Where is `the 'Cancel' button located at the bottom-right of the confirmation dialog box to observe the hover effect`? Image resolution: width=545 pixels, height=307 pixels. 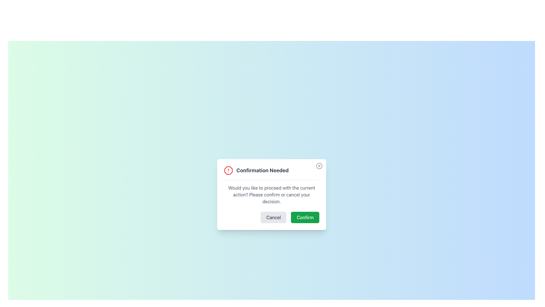
the 'Cancel' button located at the bottom-right of the confirmation dialog box to observe the hover effect is located at coordinates (271, 217).